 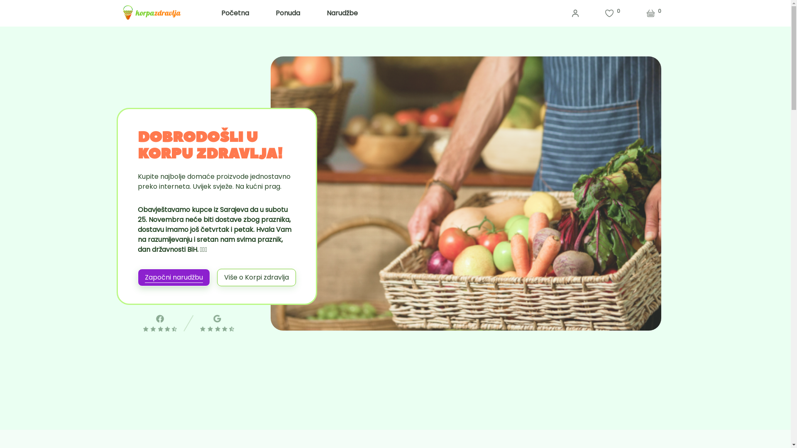 I want to click on '0', so click(x=613, y=13).